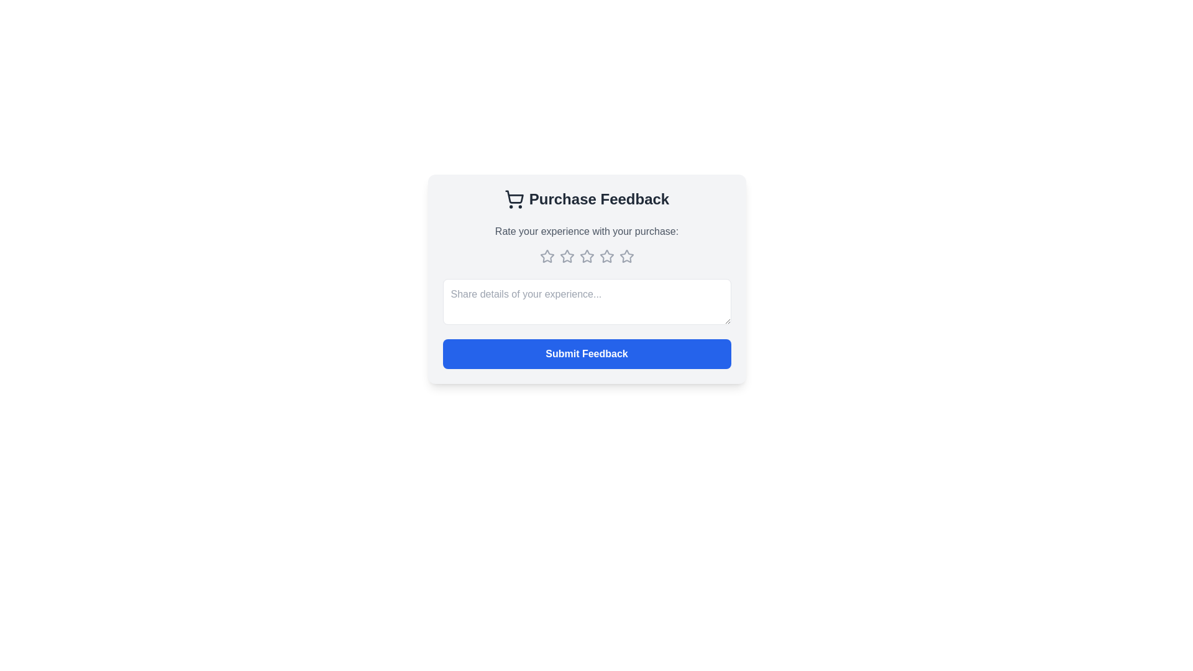 This screenshot has height=671, width=1193. Describe the element at coordinates (514, 198) in the screenshot. I see `the shopping cart decorative icon, which is styled with a black stroke and positioned to the left of the 'Purchase Feedback' text` at that location.